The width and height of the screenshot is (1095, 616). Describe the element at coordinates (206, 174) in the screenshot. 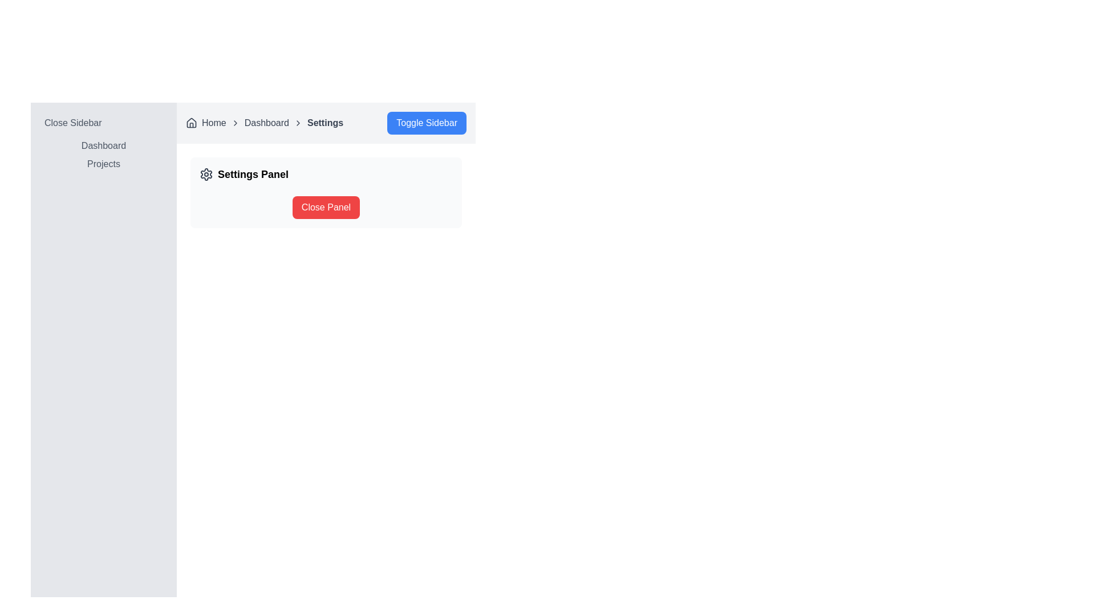

I see `the gear-shaped settings icon, located to the left of the 'Settings Panel' text, by moving the cursor to its center` at that location.